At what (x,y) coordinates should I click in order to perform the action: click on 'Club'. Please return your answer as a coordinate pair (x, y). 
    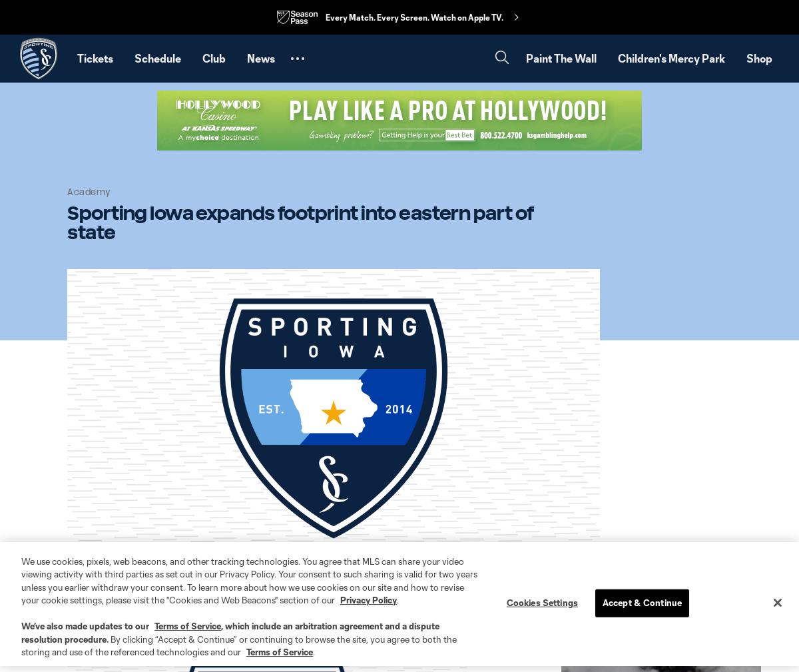
    Looking at the image, I should click on (214, 57).